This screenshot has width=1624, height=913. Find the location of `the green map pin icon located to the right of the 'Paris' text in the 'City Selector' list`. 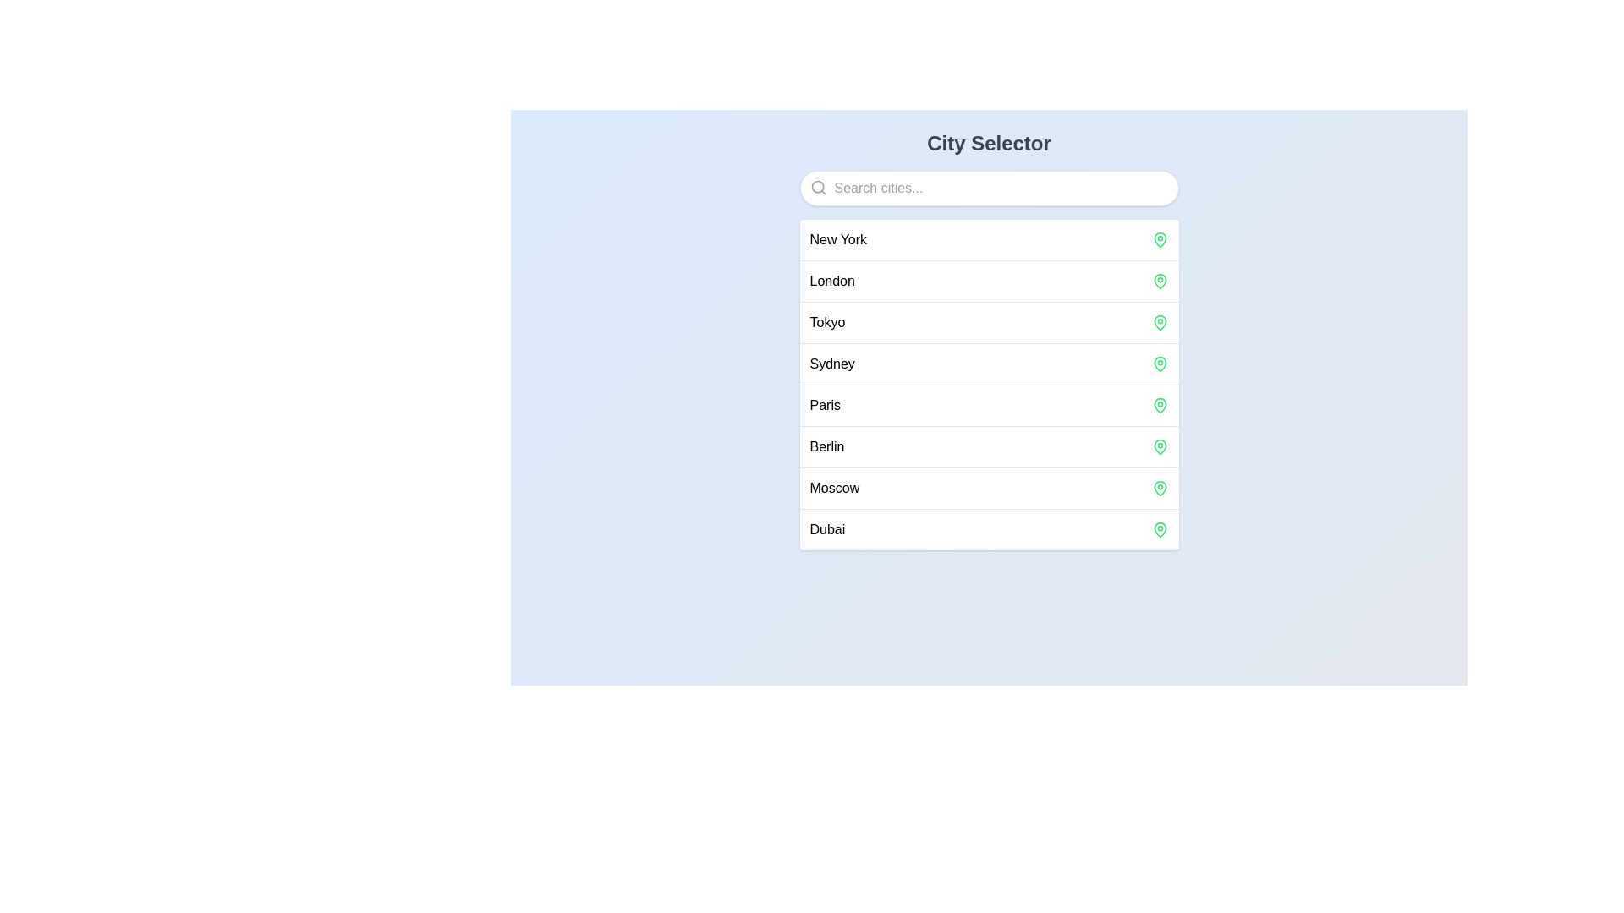

the green map pin icon located to the right of the 'Paris' text in the 'City Selector' list is located at coordinates (1159, 405).